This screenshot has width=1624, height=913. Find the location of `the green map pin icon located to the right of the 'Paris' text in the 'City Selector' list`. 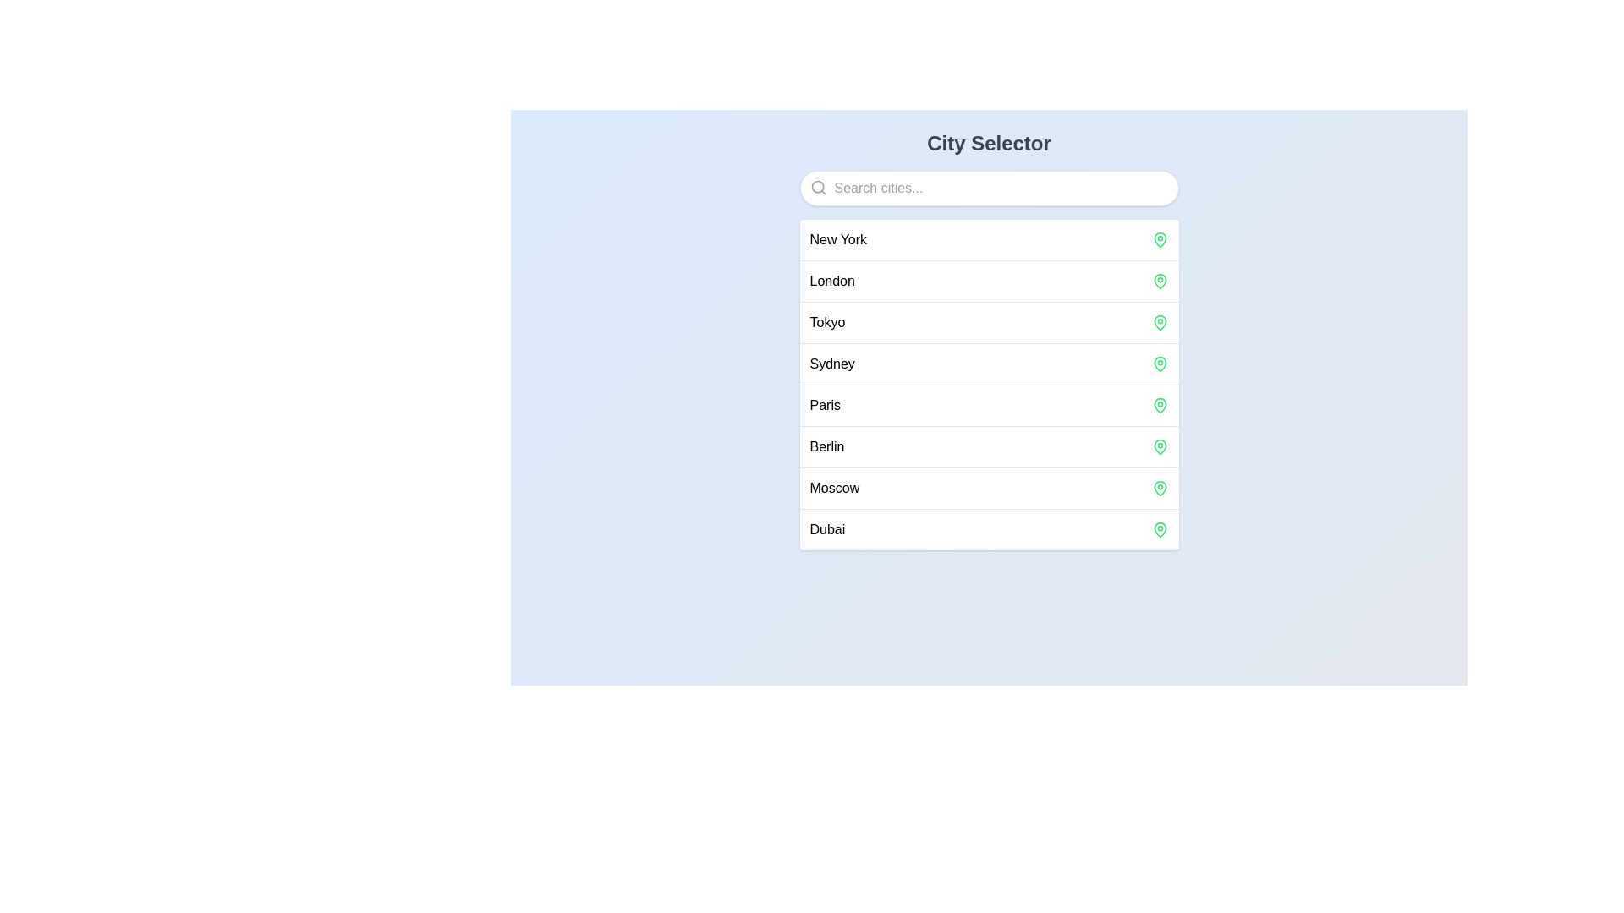

the green map pin icon located to the right of the 'Paris' text in the 'City Selector' list is located at coordinates (1159, 405).